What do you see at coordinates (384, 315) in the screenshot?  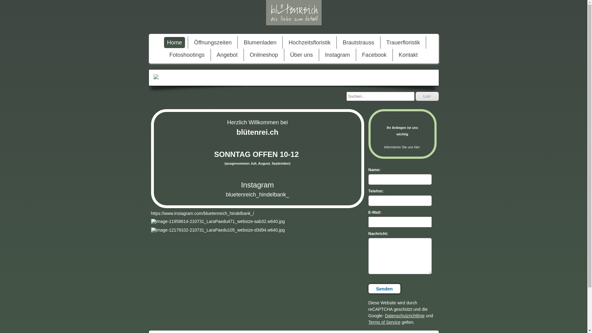 I see `'Datenschutzrichtlinie'` at bounding box center [384, 315].